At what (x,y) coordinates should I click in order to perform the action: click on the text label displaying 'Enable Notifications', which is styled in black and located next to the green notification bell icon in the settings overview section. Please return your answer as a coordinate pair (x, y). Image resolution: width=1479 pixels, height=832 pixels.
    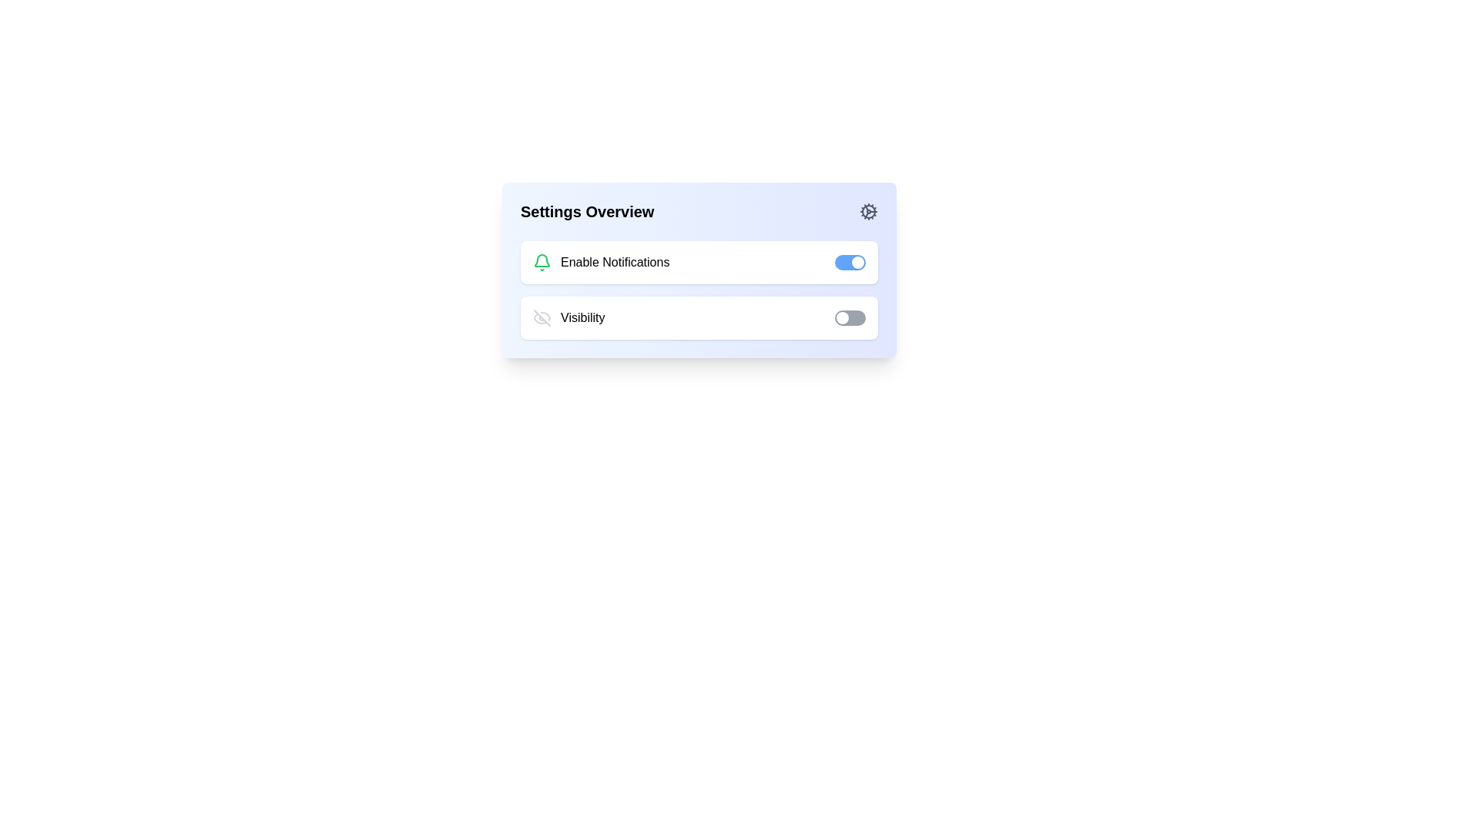
    Looking at the image, I should click on (614, 261).